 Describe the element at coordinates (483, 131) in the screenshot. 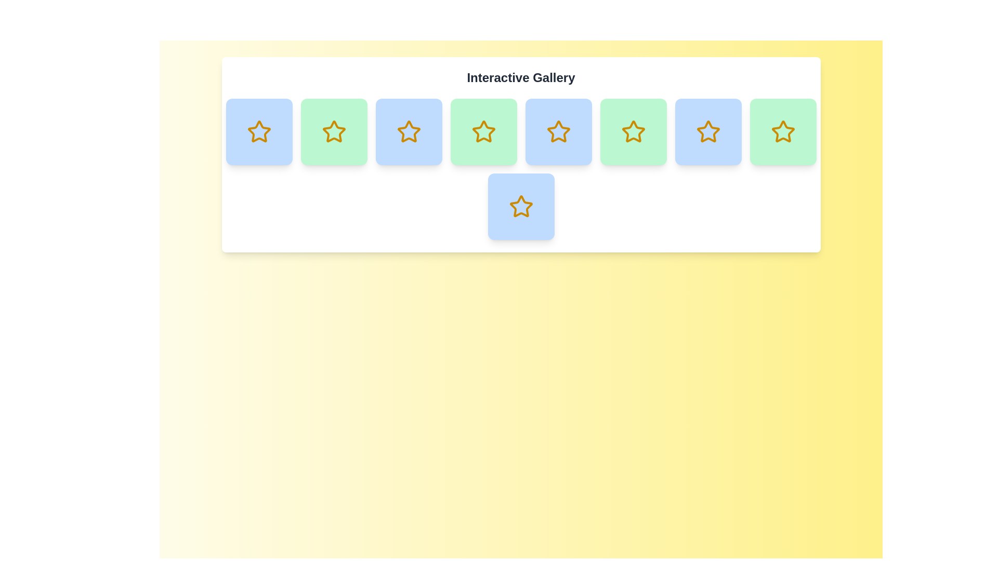

I see `the star-shaped icon with a yellow-orange border, located in the third position of the gallery` at that location.